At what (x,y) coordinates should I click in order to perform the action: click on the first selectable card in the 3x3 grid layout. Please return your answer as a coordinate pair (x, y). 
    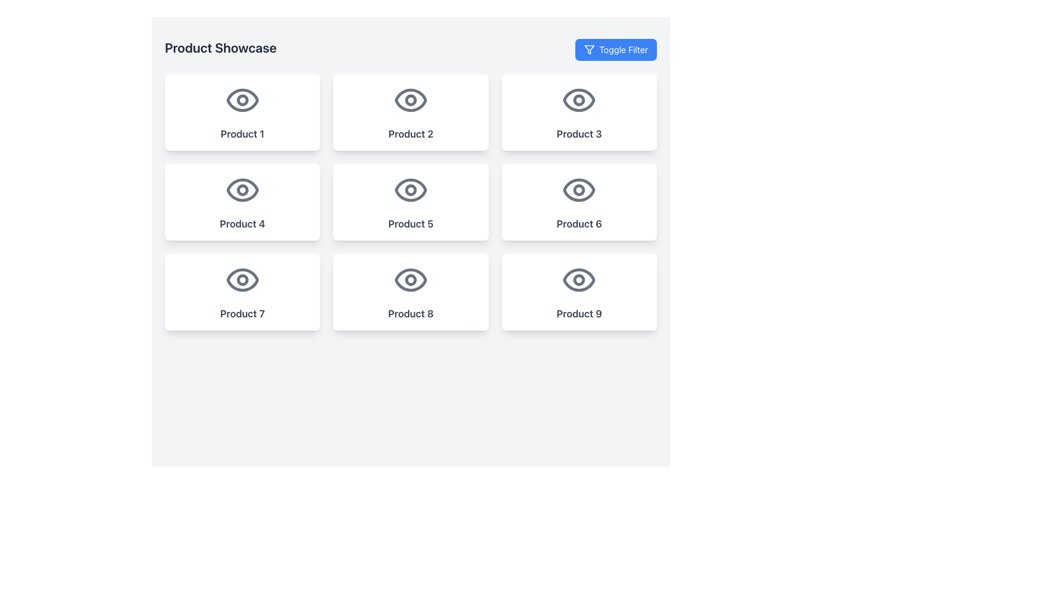
    Looking at the image, I should click on (242, 112).